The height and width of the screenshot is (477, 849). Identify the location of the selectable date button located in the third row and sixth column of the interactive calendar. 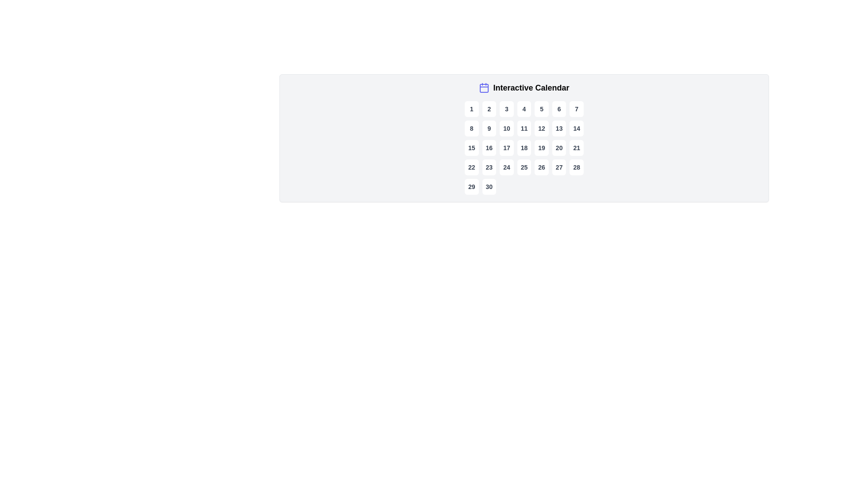
(558, 148).